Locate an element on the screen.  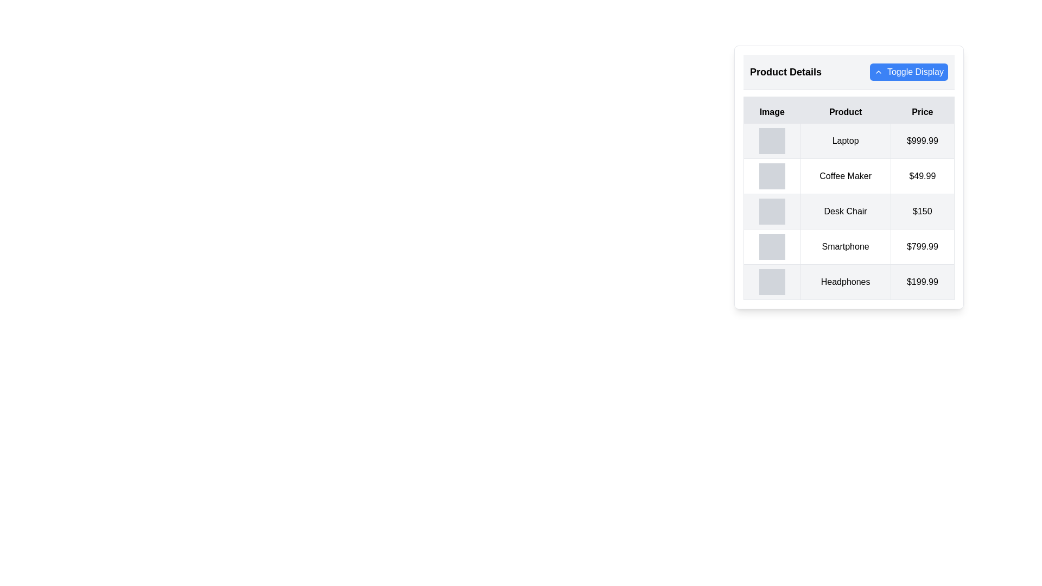
the table row displaying the 'Coffee Maker' product and its price '$49.99' is located at coordinates (848, 175).